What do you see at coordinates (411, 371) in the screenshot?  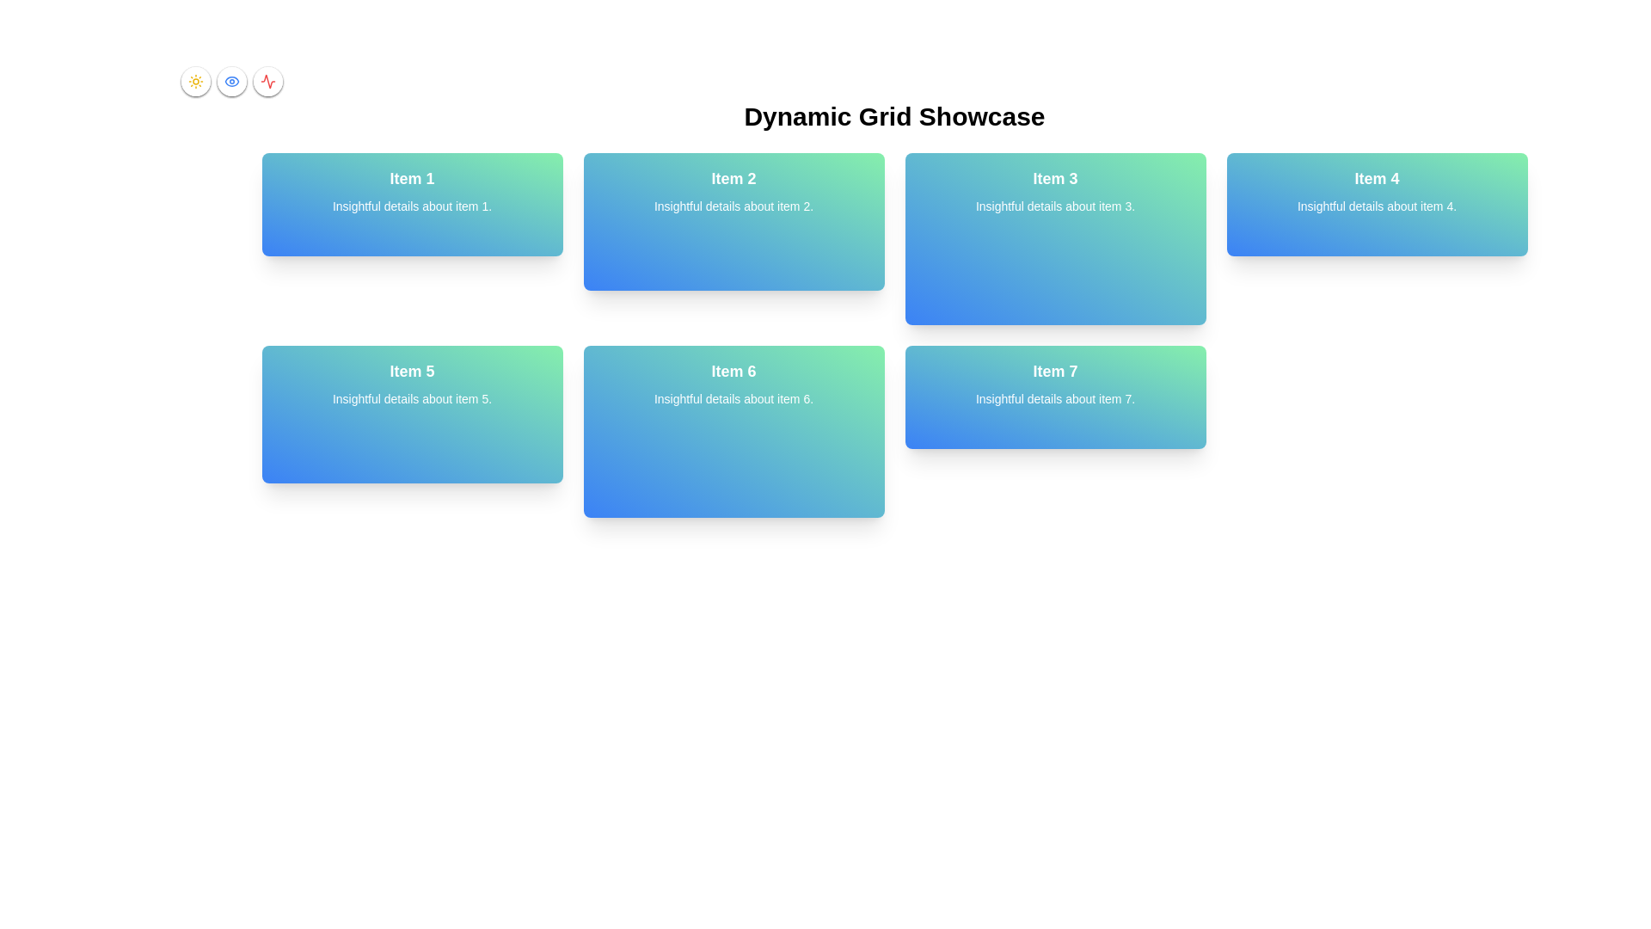 I see `the emphasized heading text labeled 'Item 5' to check for possible interaction options` at bounding box center [411, 371].